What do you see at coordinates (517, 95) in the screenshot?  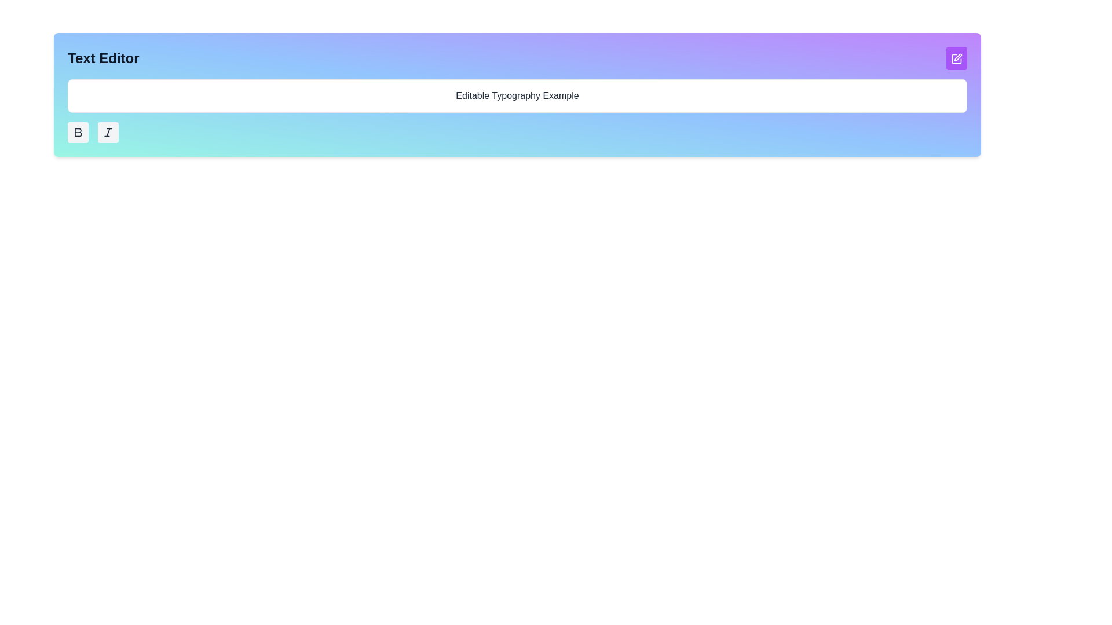 I see `the editable text field labeled 'Editable Typography Example' that is positioned below the 'Text Editor' title and above the text styling icons` at bounding box center [517, 95].